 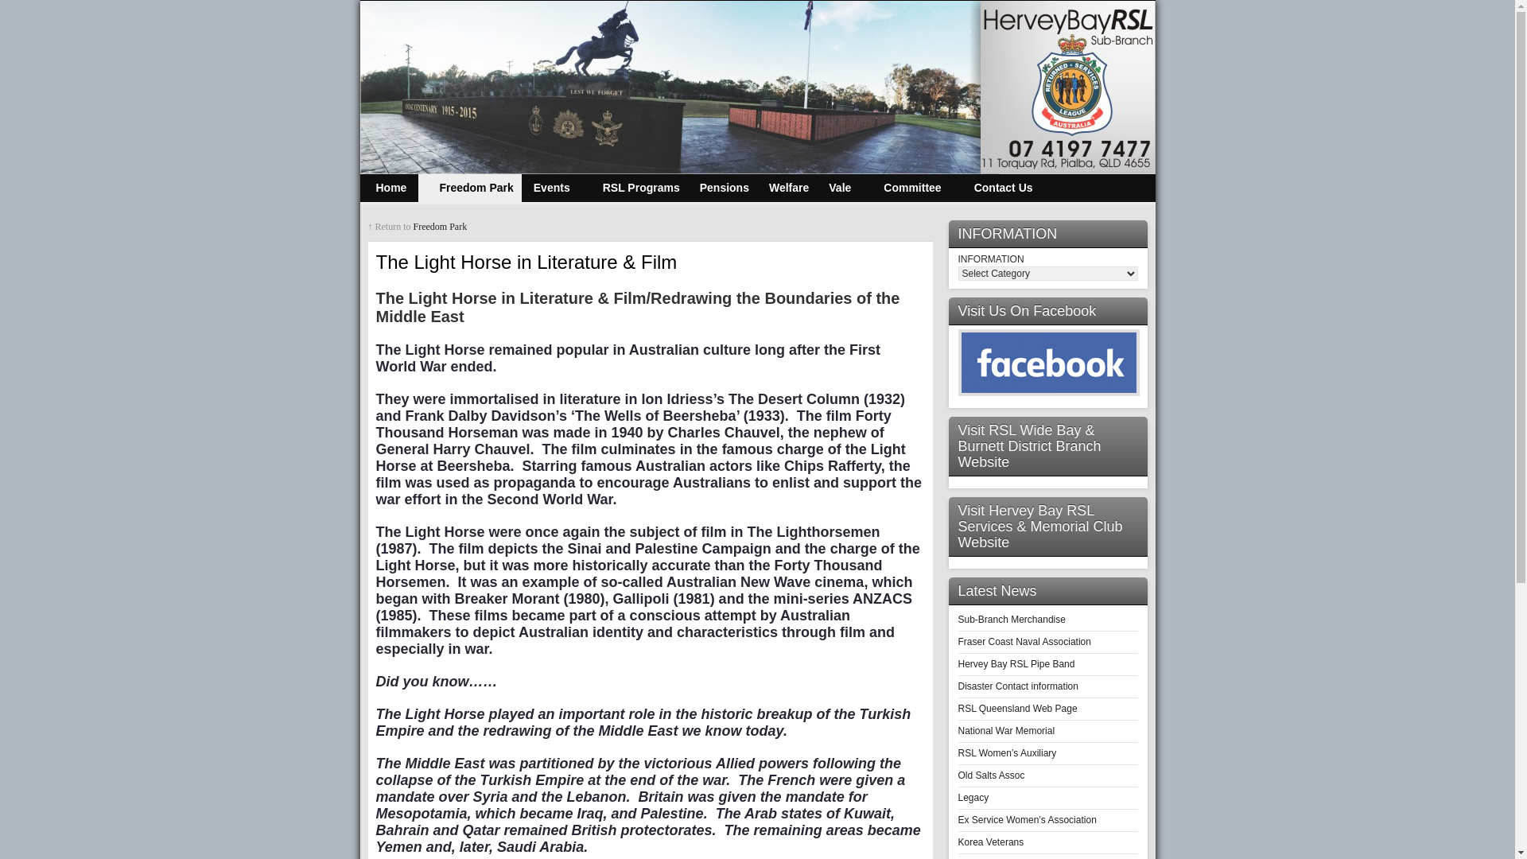 What do you see at coordinates (1016, 686) in the screenshot?
I see `'Disaster Contact information'` at bounding box center [1016, 686].